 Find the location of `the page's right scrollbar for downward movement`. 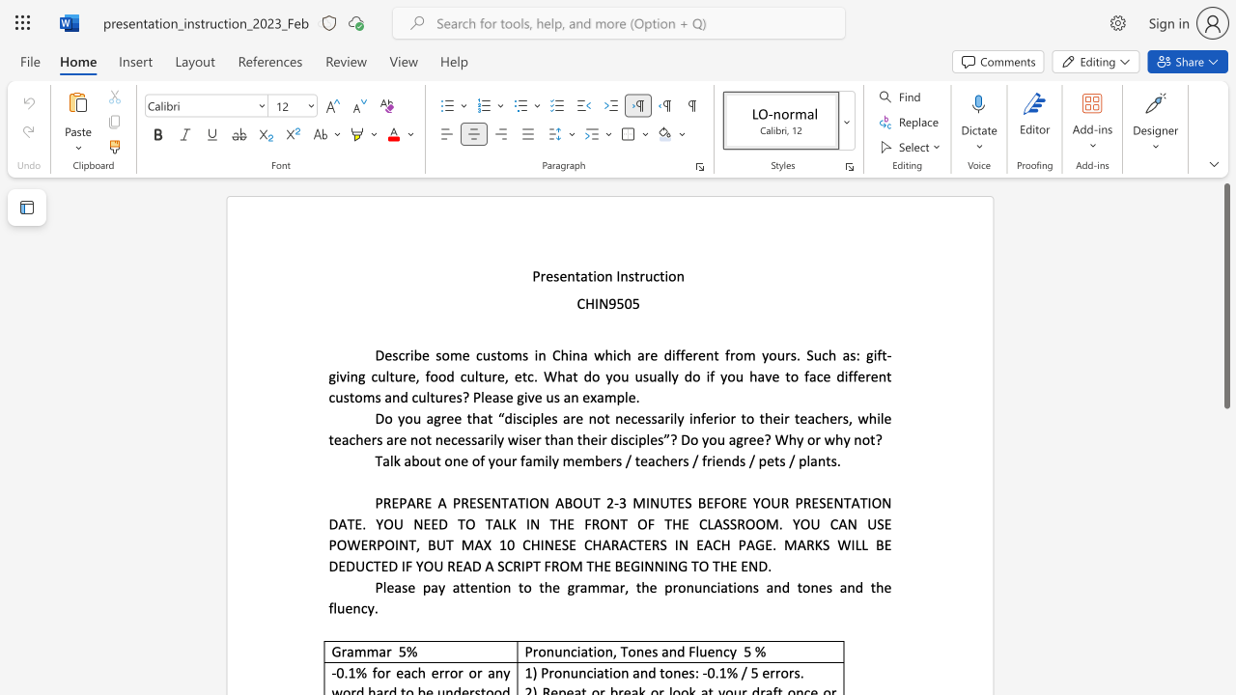

the page's right scrollbar for downward movement is located at coordinates (1225, 473).